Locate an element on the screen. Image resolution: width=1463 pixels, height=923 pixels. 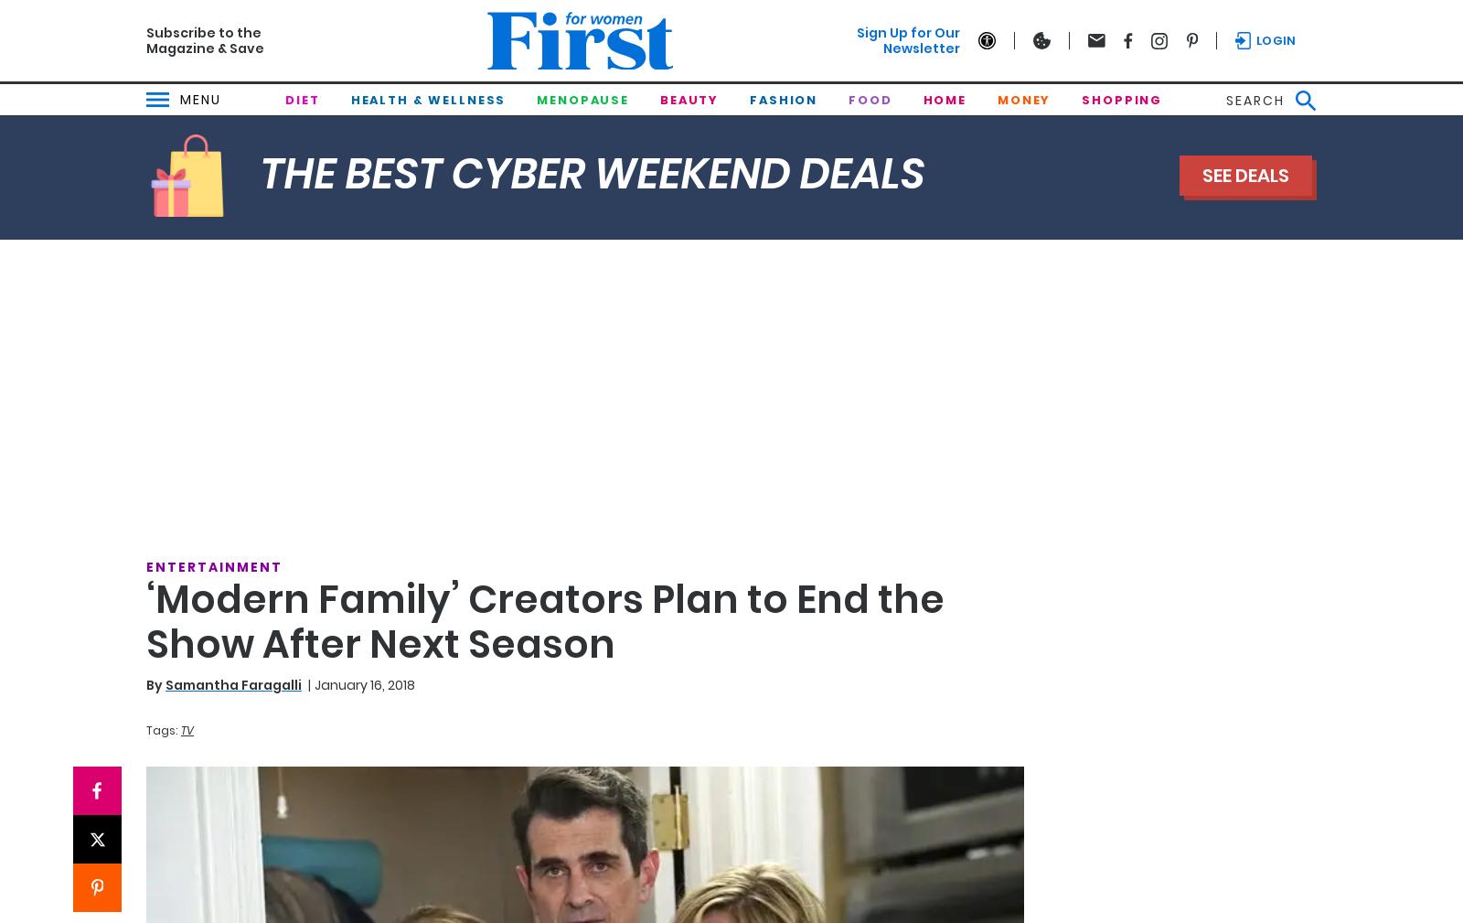
'Menopause' is located at coordinates (582, 98).